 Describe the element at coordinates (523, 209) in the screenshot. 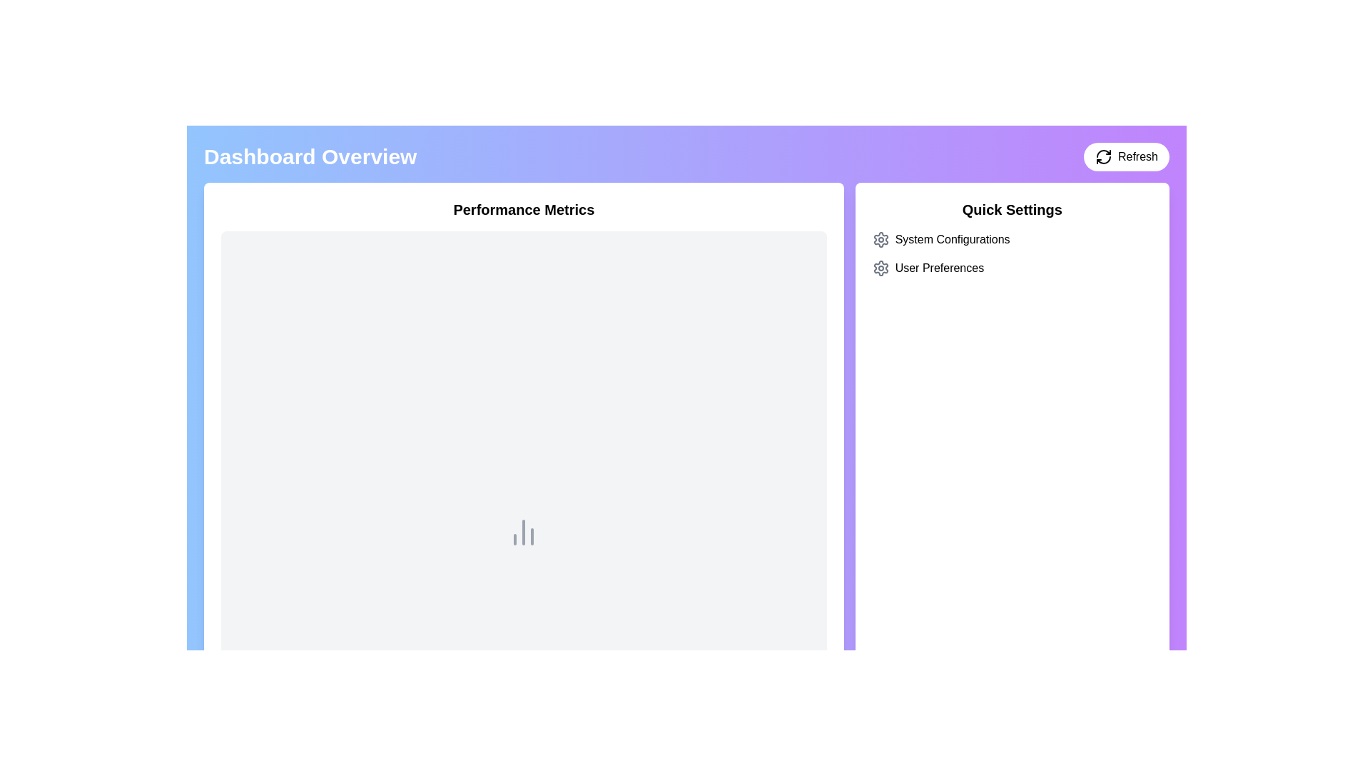

I see `the text label that serves as a heading at the top center of a white card-like section in the dashboard interface` at that location.